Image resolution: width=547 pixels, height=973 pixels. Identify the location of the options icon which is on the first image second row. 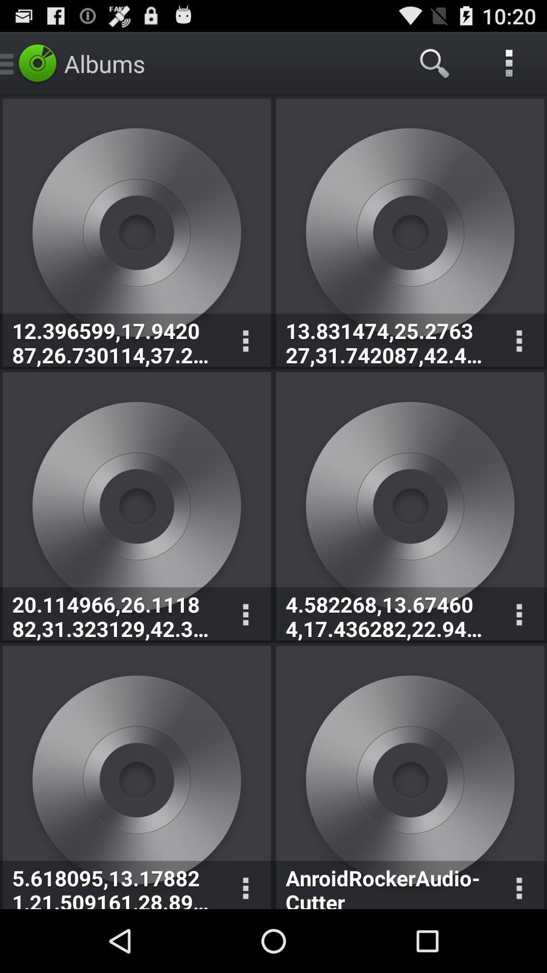
(246, 615).